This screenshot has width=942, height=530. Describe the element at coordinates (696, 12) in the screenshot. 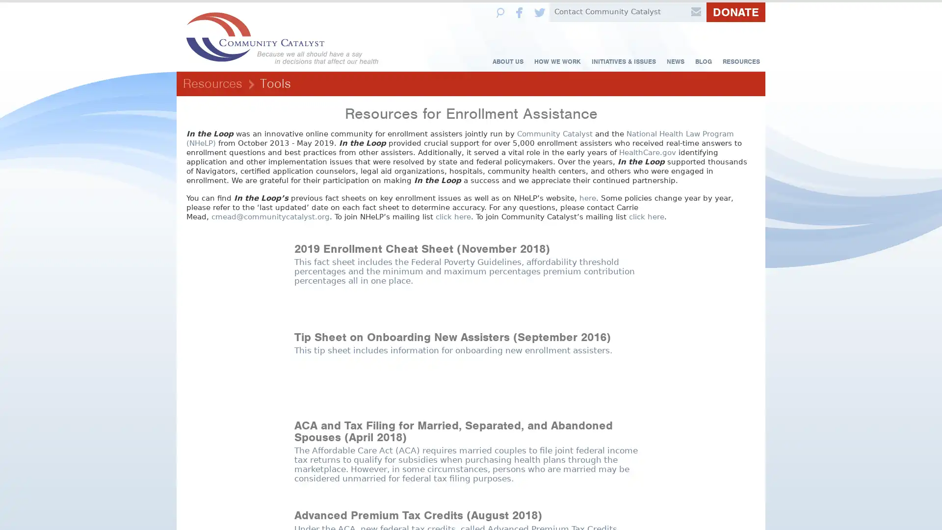

I see `Submit` at that location.